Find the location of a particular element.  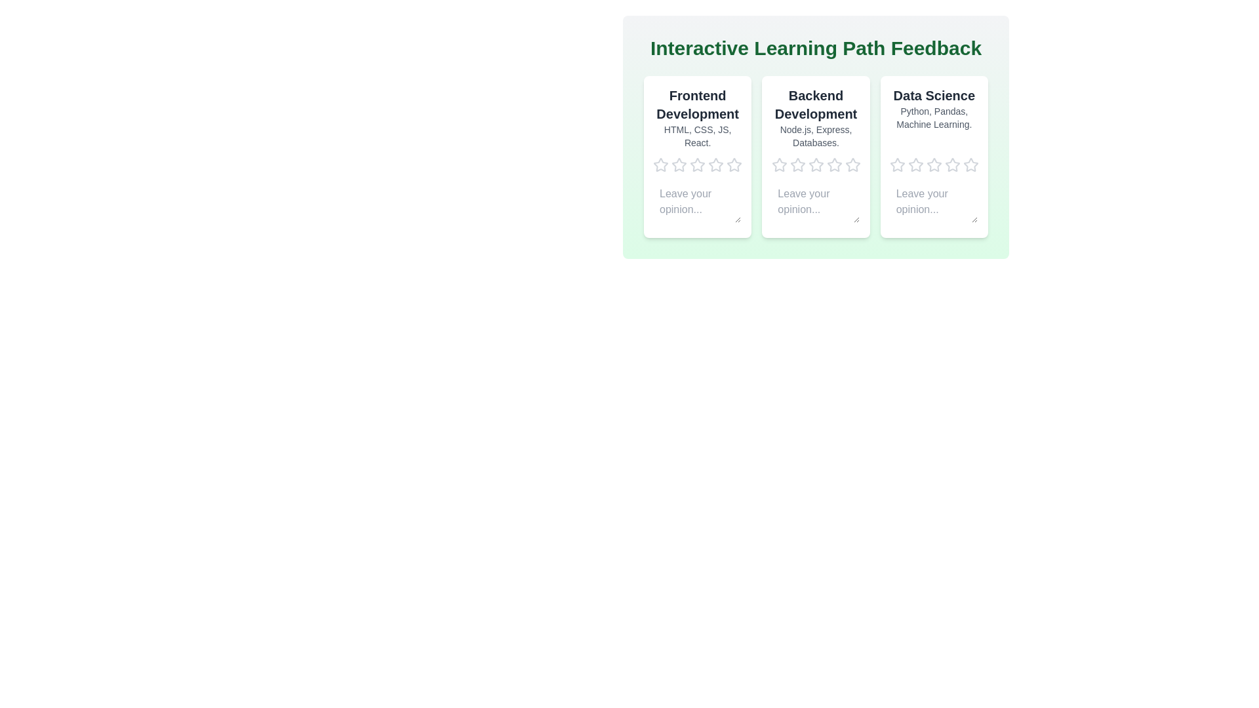

the learning path card for Data Science is located at coordinates (933, 156).